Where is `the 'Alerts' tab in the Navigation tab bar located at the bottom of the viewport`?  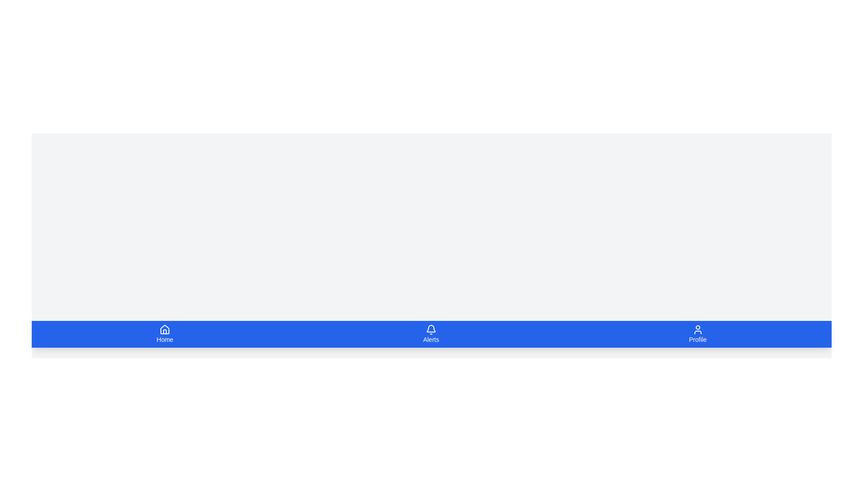
the 'Alerts' tab in the Navigation tab bar located at the bottom of the viewport is located at coordinates (431, 334).